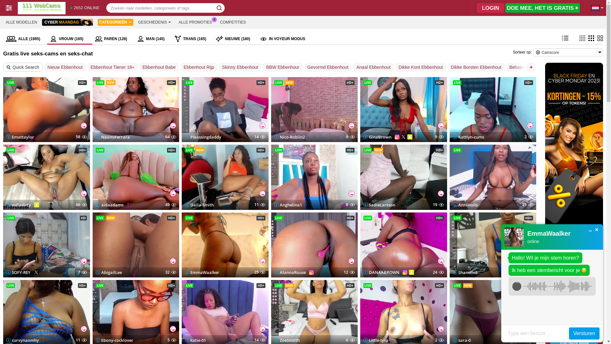  Describe the element at coordinates (112, 136) in the screenshot. I see `'NaomiFerrara'` at that location.